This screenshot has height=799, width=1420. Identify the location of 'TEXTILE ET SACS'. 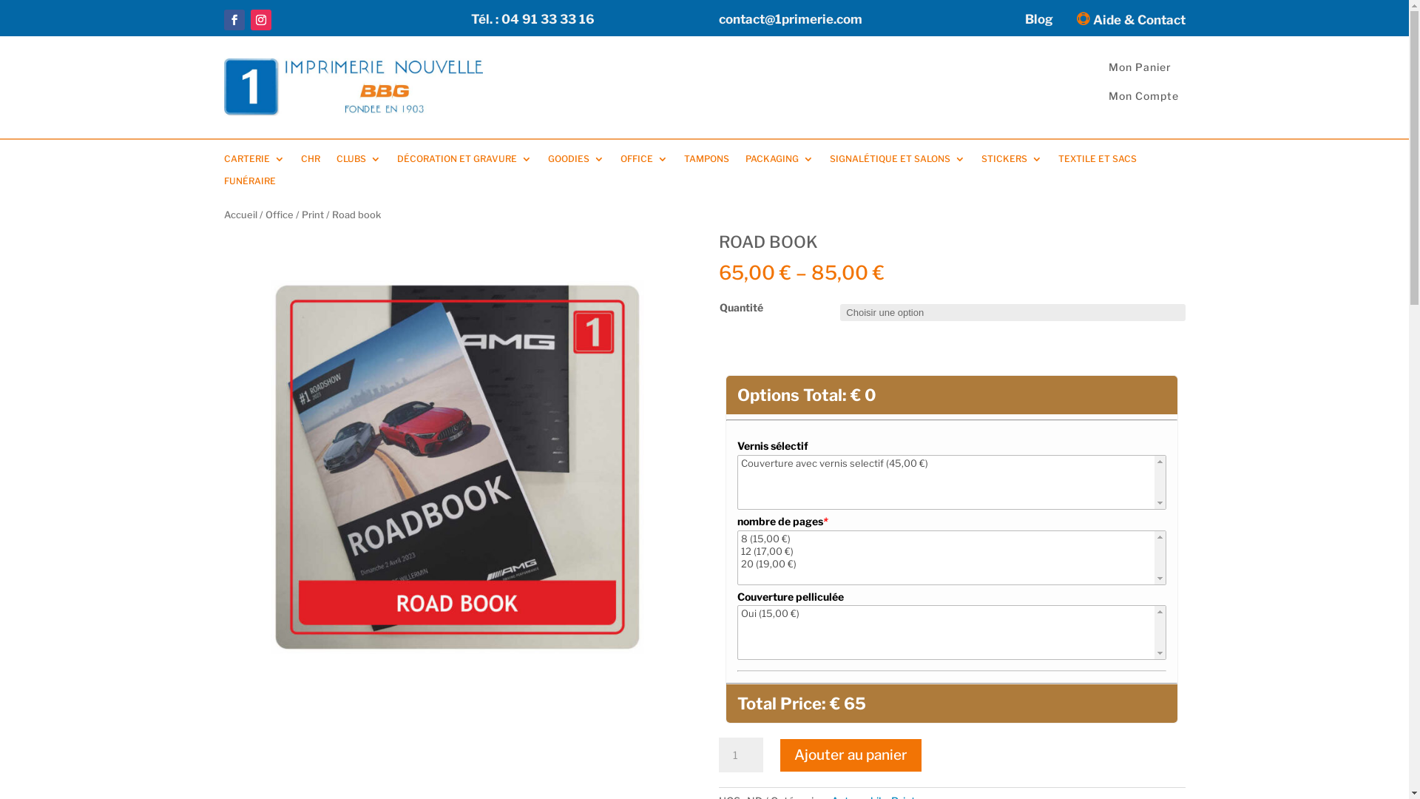
(1097, 162).